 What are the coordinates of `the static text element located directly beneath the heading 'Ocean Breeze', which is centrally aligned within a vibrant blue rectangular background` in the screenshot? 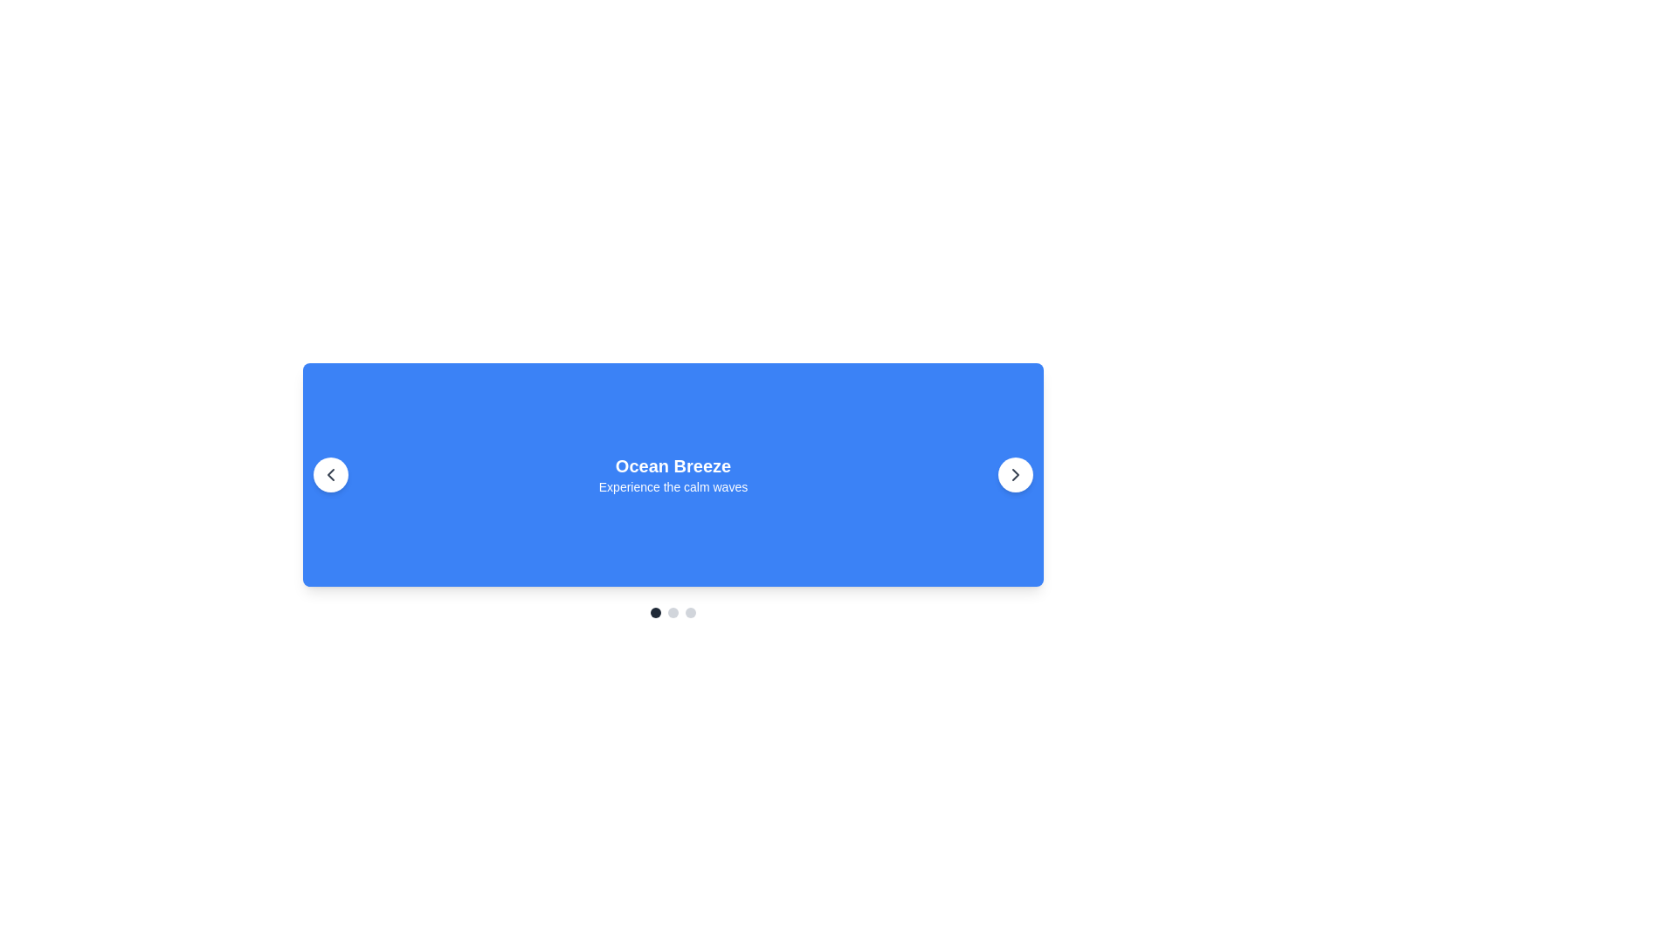 It's located at (673, 487).